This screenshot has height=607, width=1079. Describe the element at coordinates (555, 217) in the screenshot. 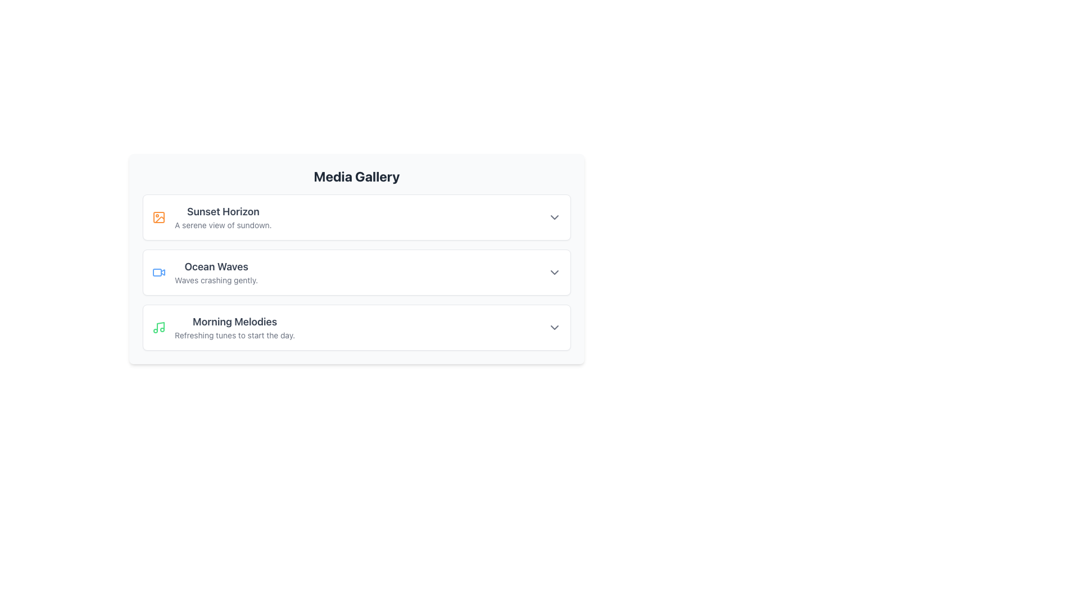

I see `the dropdown toggle located at the far right of the 'Sunset Horizon' list item` at that location.